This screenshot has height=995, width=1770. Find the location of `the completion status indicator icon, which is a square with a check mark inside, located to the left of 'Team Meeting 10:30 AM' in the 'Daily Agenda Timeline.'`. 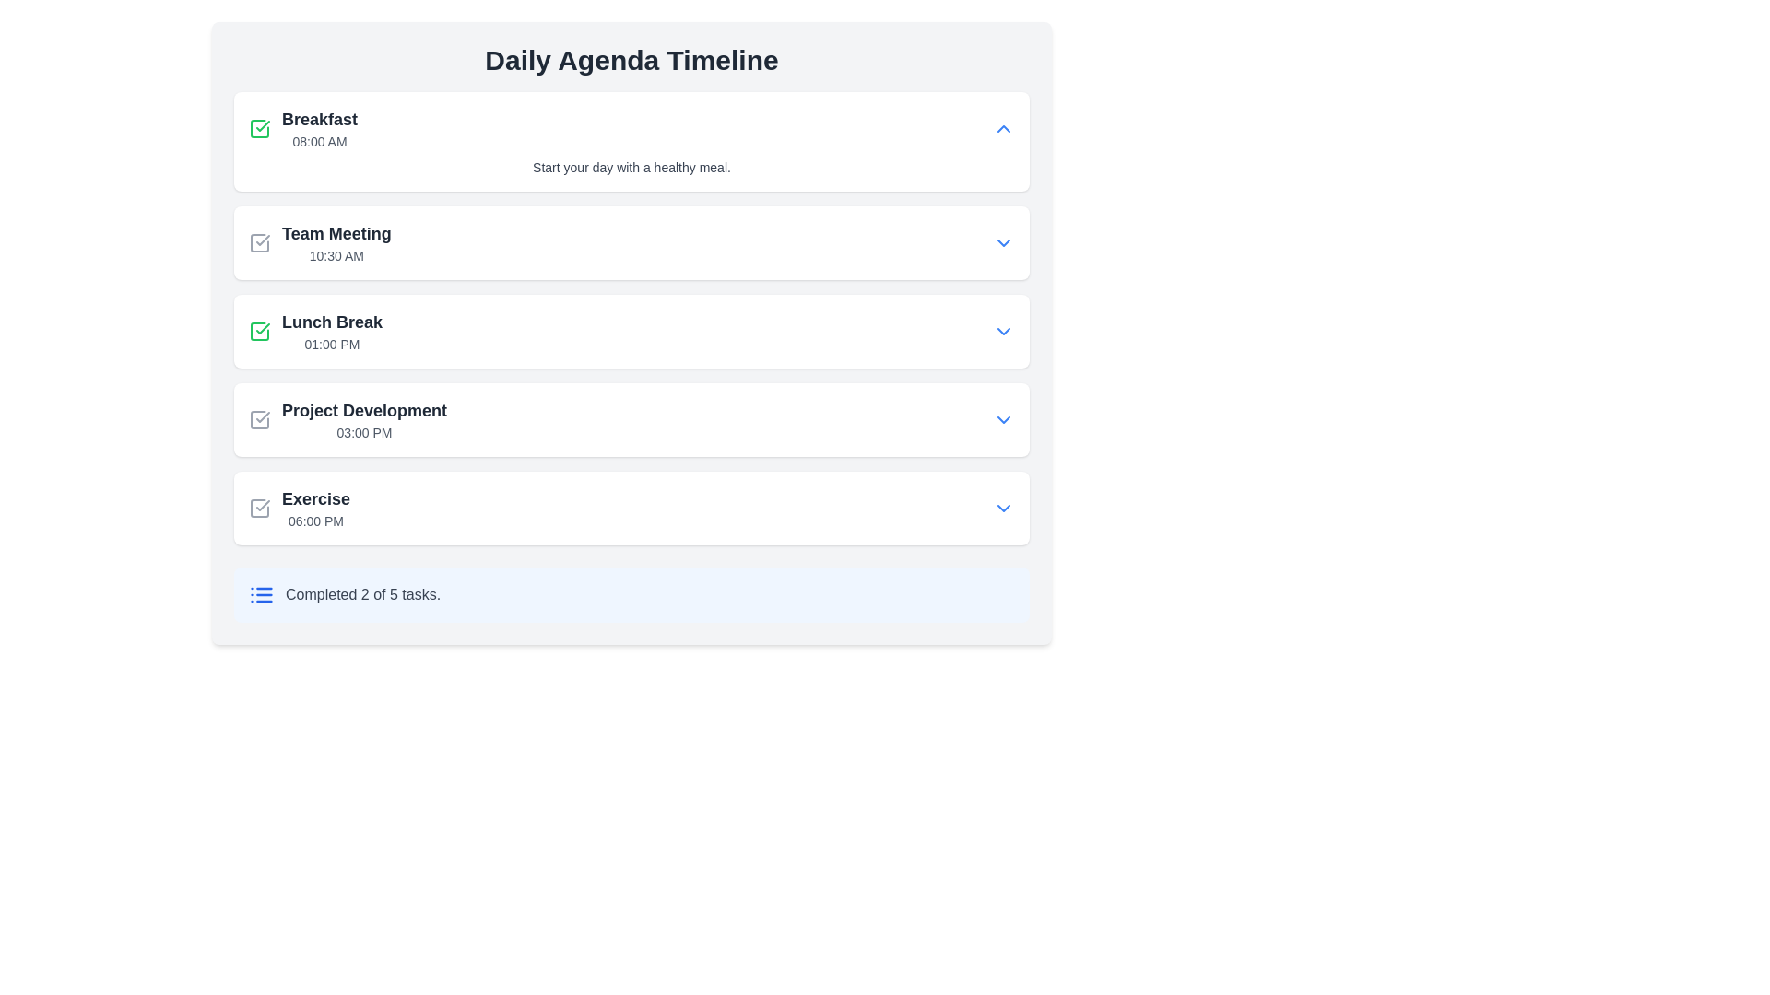

the completion status indicator icon, which is a square with a check mark inside, located to the left of 'Team Meeting 10:30 AM' in the 'Daily Agenda Timeline.' is located at coordinates (259, 241).